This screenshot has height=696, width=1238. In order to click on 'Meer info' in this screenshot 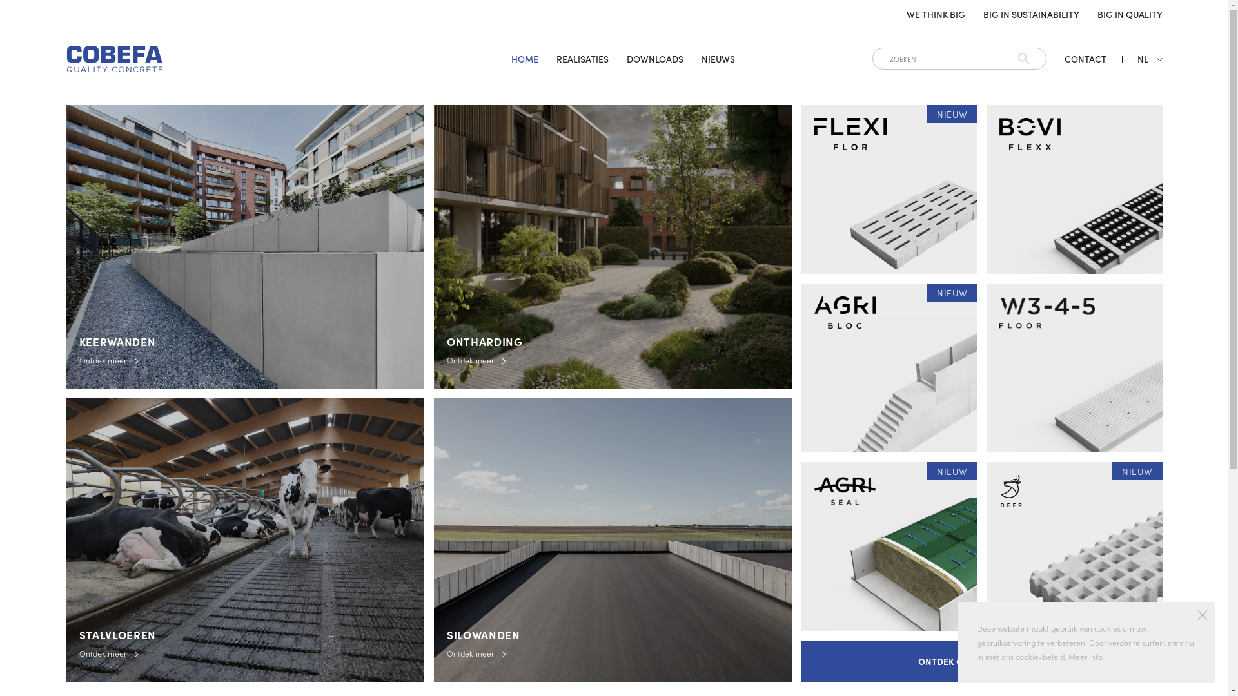, I will do `click(1085, 656)`.